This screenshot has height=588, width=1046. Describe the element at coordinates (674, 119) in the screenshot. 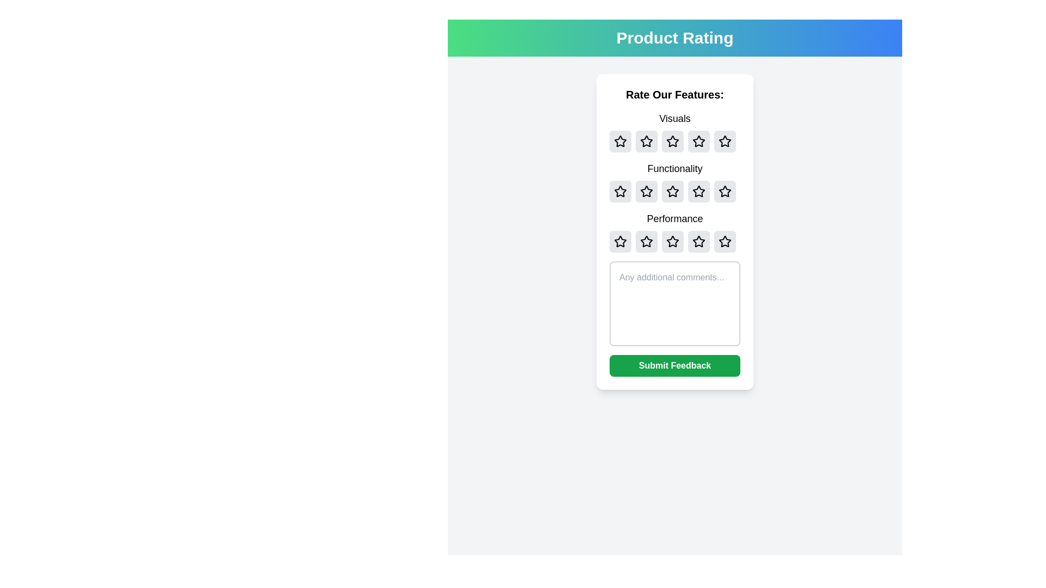

I see `the Text Label that describes the rating section for 'Visuals', located above the star ratings in the feedback section` at that location.